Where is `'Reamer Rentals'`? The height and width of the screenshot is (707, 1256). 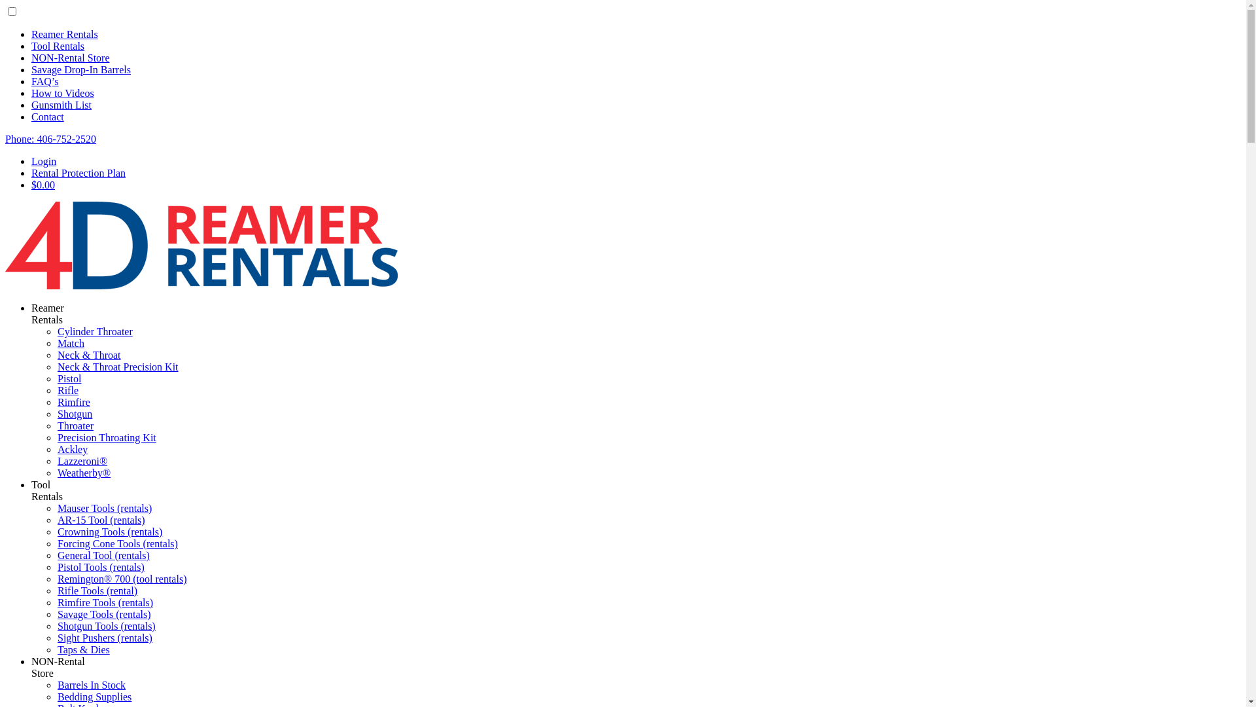 'Reamer Rentals' is located at coordinates (64, 33).